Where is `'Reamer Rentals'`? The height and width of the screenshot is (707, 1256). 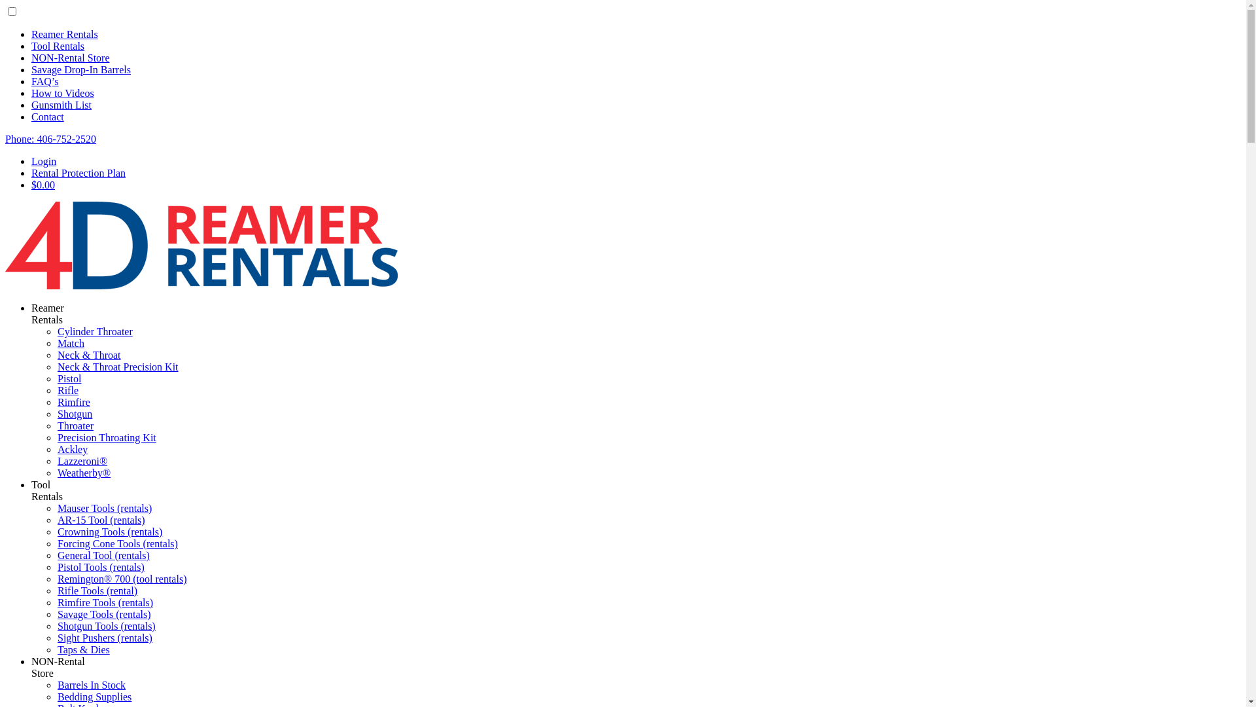 'Reamer Rentals' is located at coordinates (64, 33).